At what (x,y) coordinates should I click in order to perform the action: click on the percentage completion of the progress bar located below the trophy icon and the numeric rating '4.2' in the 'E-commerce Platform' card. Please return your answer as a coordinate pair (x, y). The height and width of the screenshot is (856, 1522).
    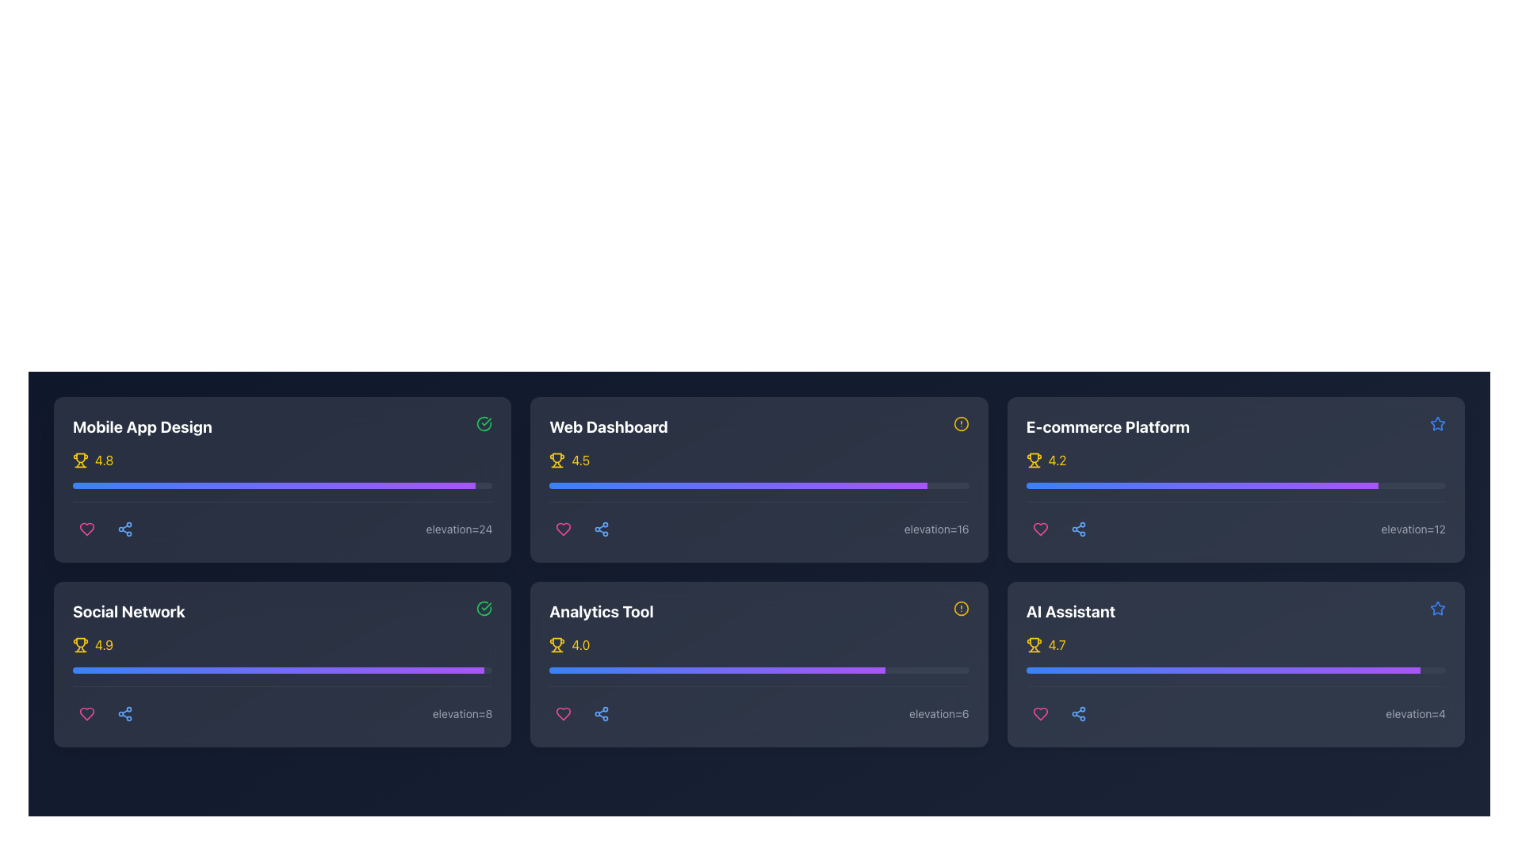
    Looking at the image, I should click on (1235, 496).